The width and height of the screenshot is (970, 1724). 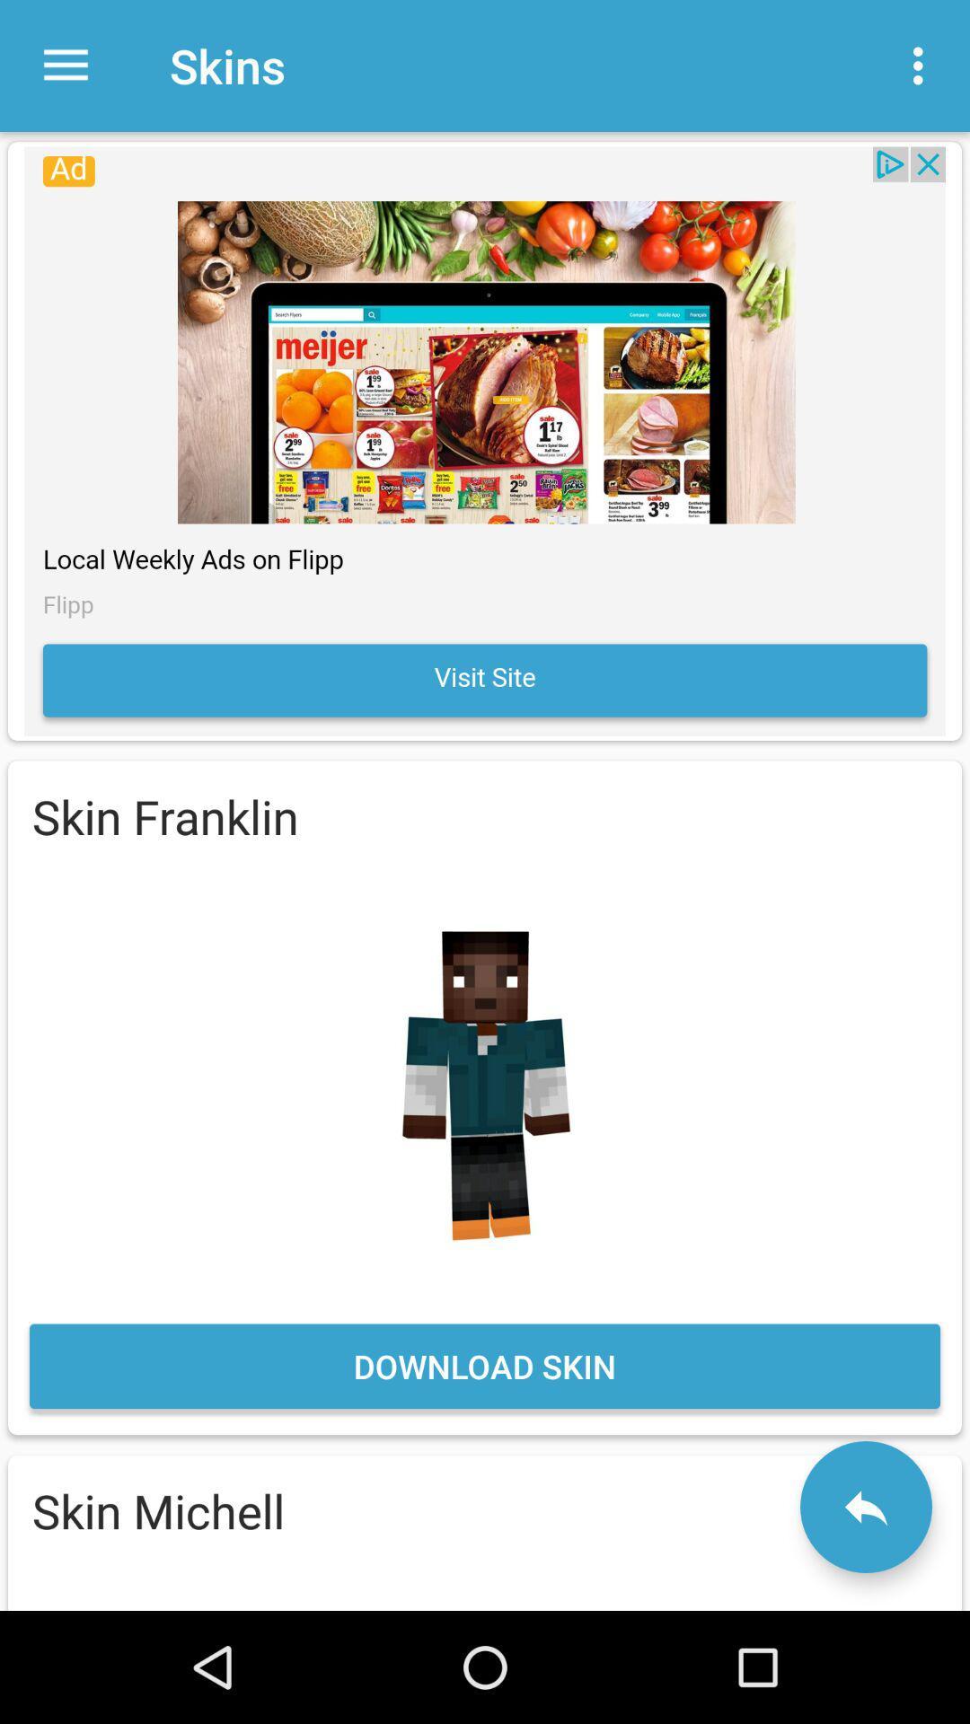 What do you see at coordinates (485, 441) in the screenshot?
I see `click on advertisements` at bounding box center [485, 441].